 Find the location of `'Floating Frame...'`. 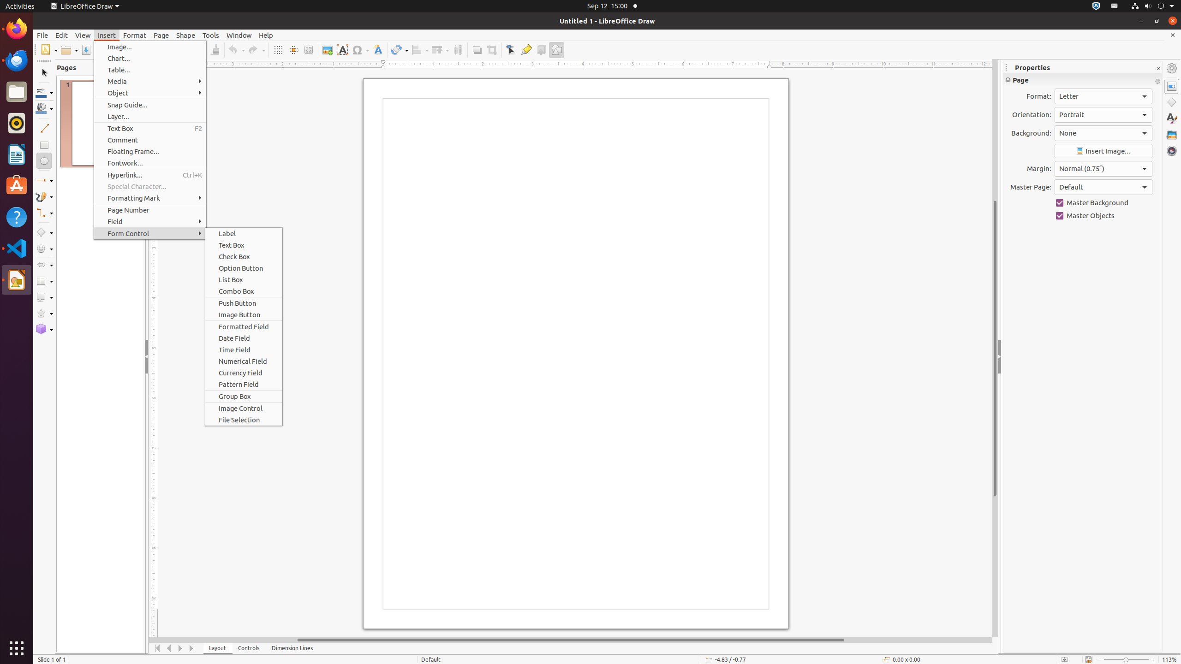

'Floating Frame...' is located at coordinates (150, 151).